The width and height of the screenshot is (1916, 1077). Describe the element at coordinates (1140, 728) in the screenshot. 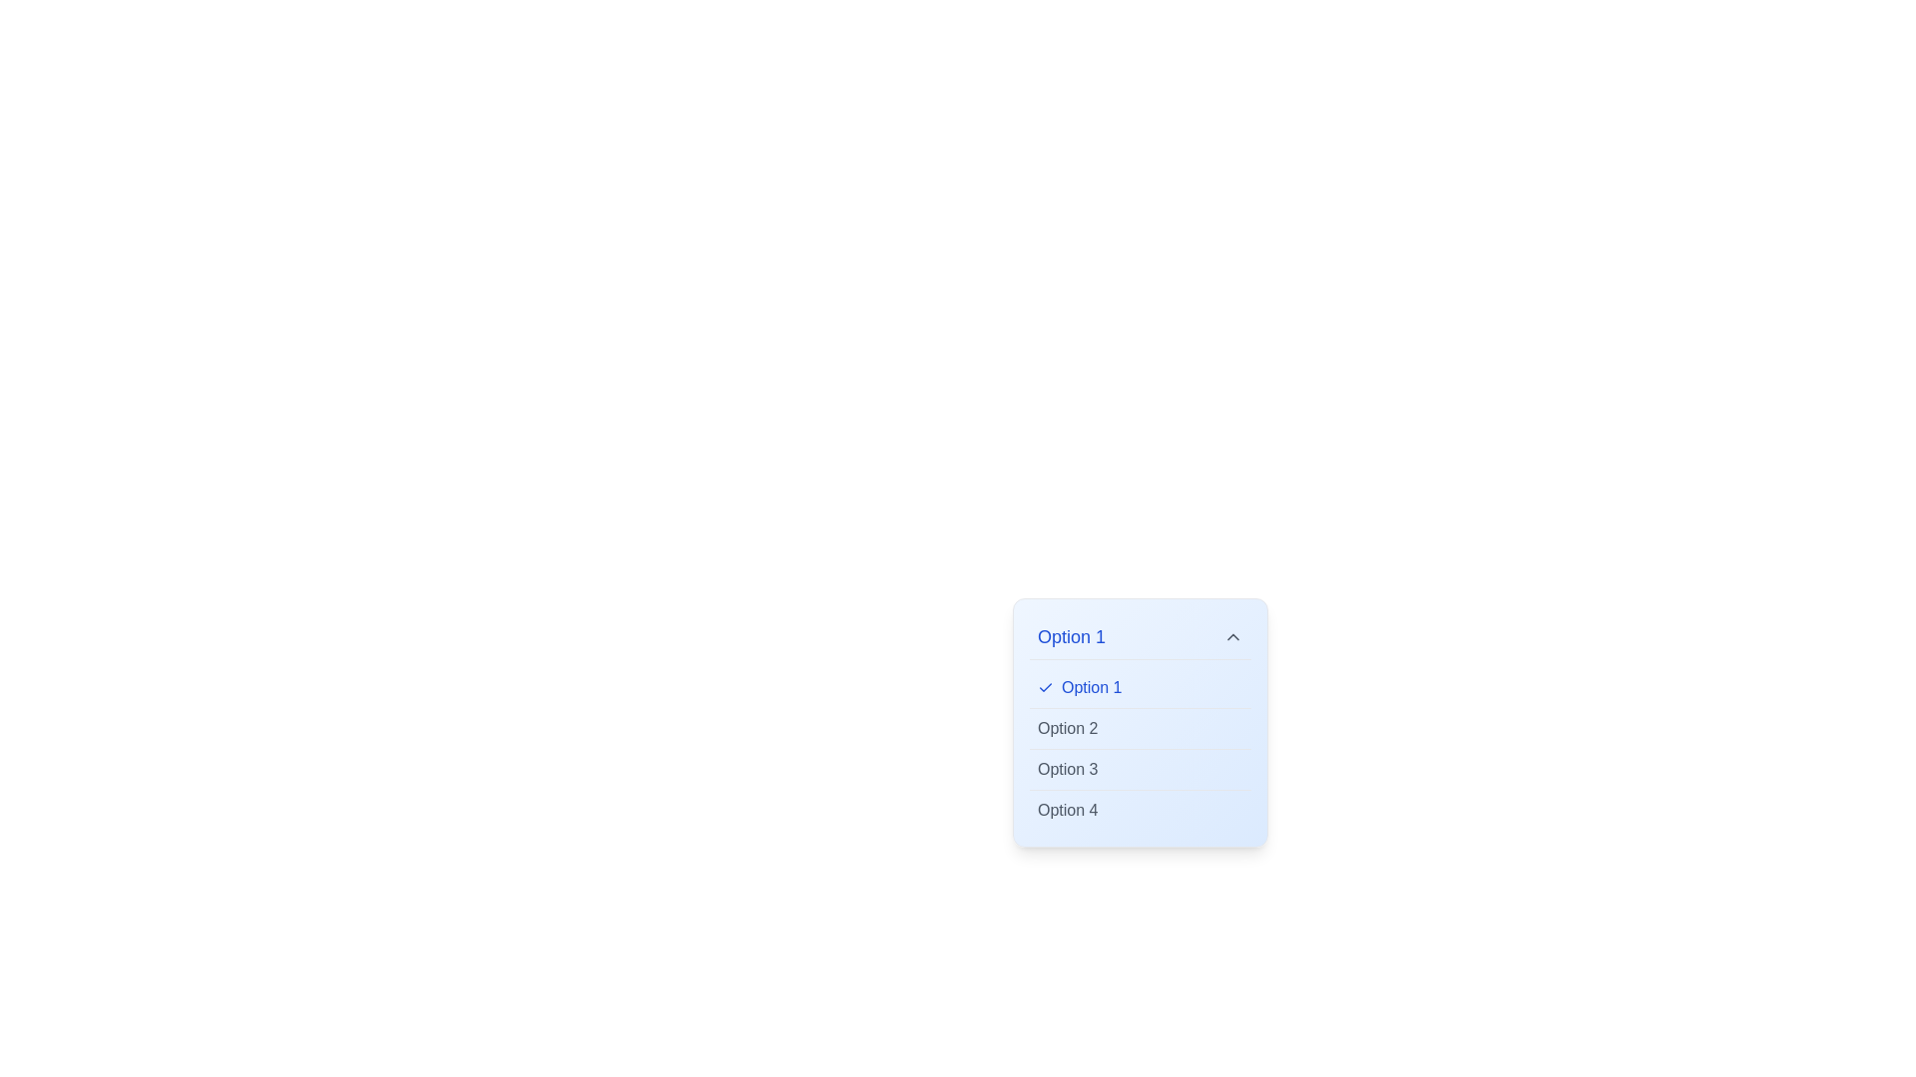

I see `the dropdown option displaying 'Option 2'` at that location.